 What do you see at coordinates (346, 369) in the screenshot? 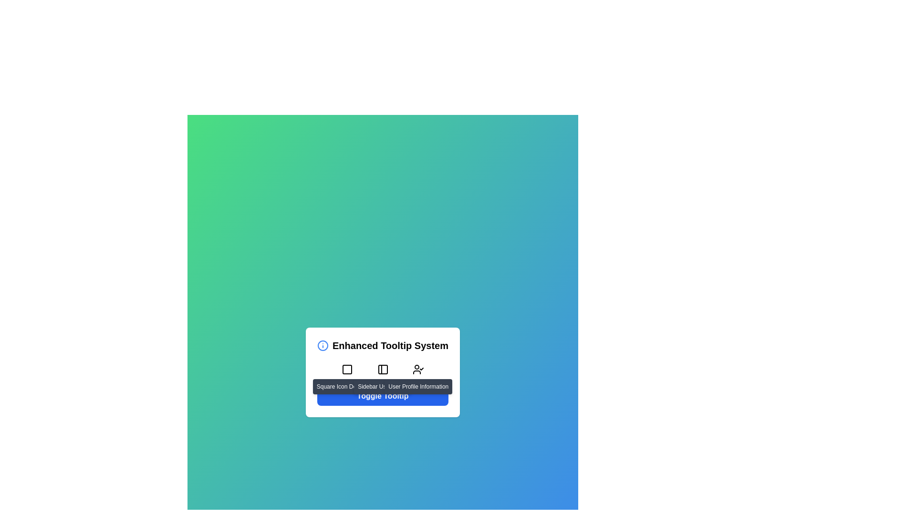
I see `the decorative element located within the second icon from the left under the 'Enhanced Tooltip System' header, which serves as a visual indicator in the square icon` at bounding box center [346, 369].